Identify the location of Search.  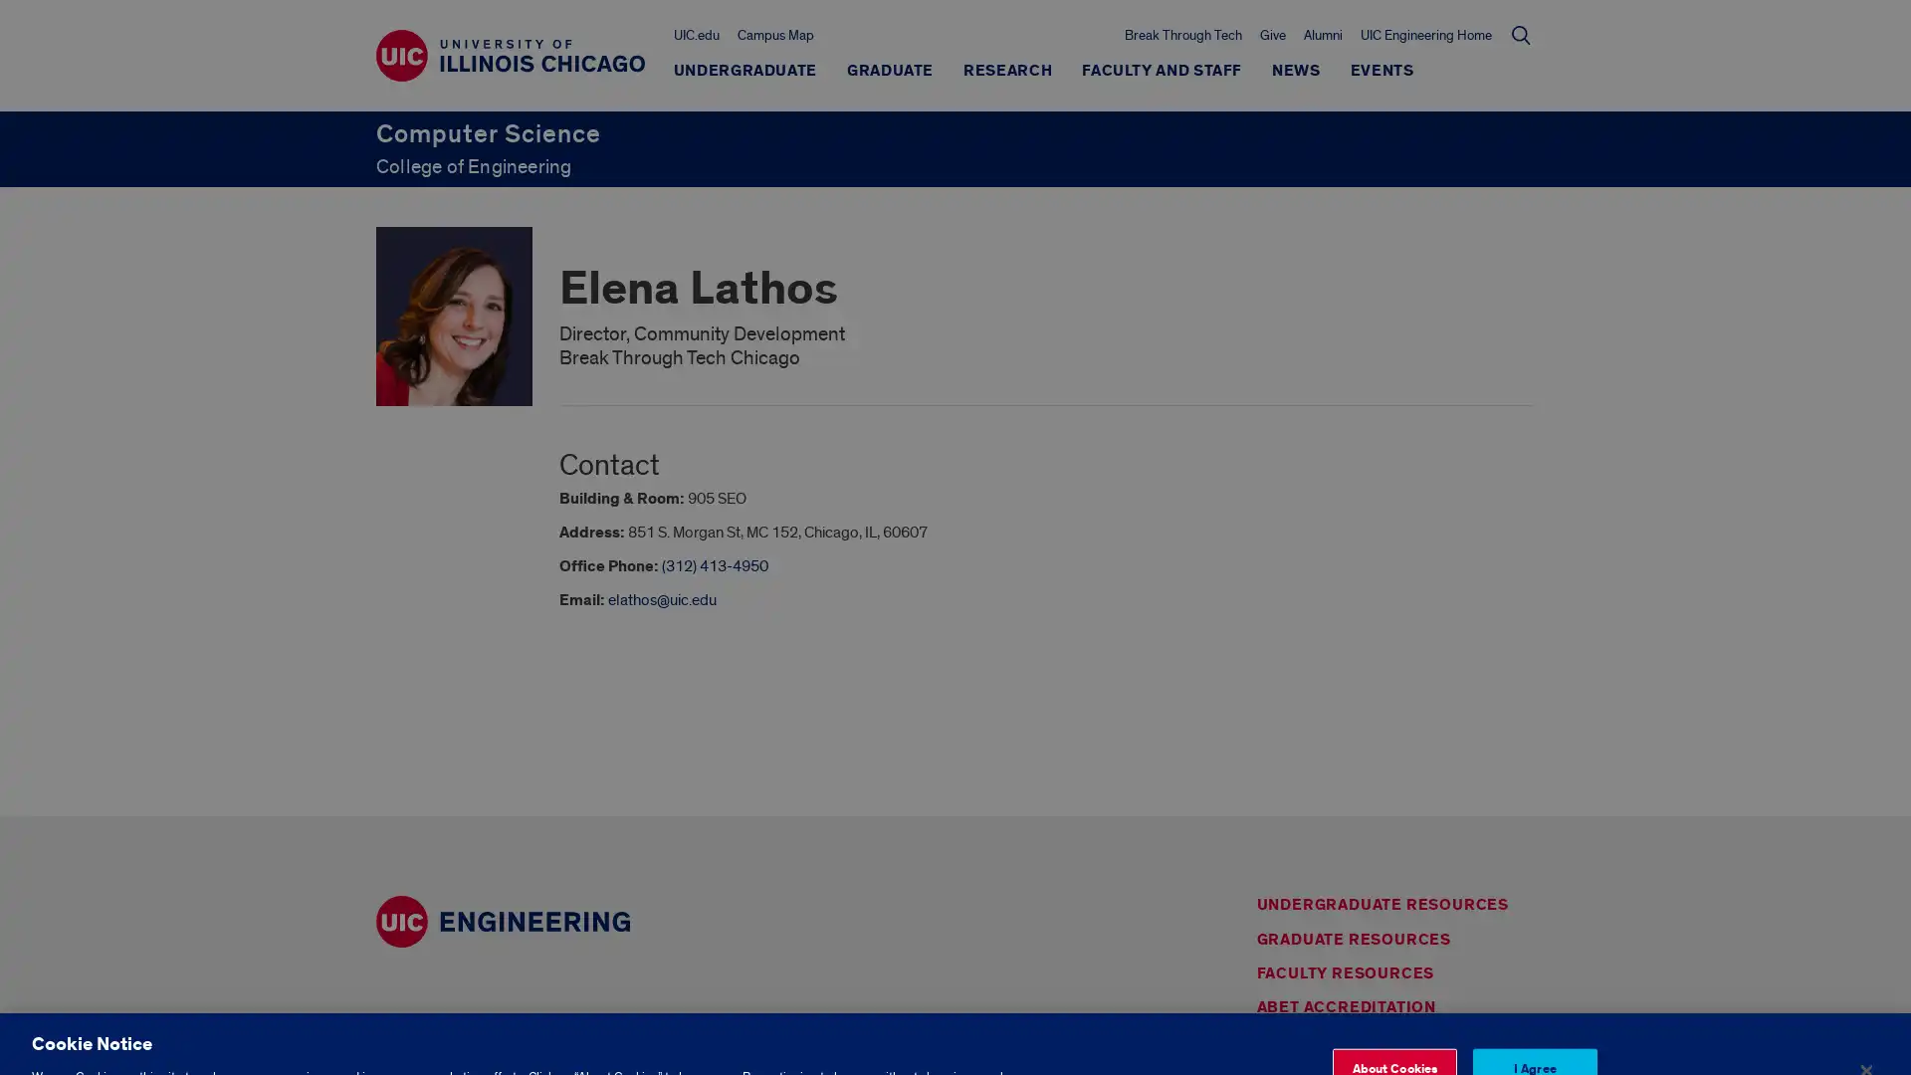
(1519, 34).